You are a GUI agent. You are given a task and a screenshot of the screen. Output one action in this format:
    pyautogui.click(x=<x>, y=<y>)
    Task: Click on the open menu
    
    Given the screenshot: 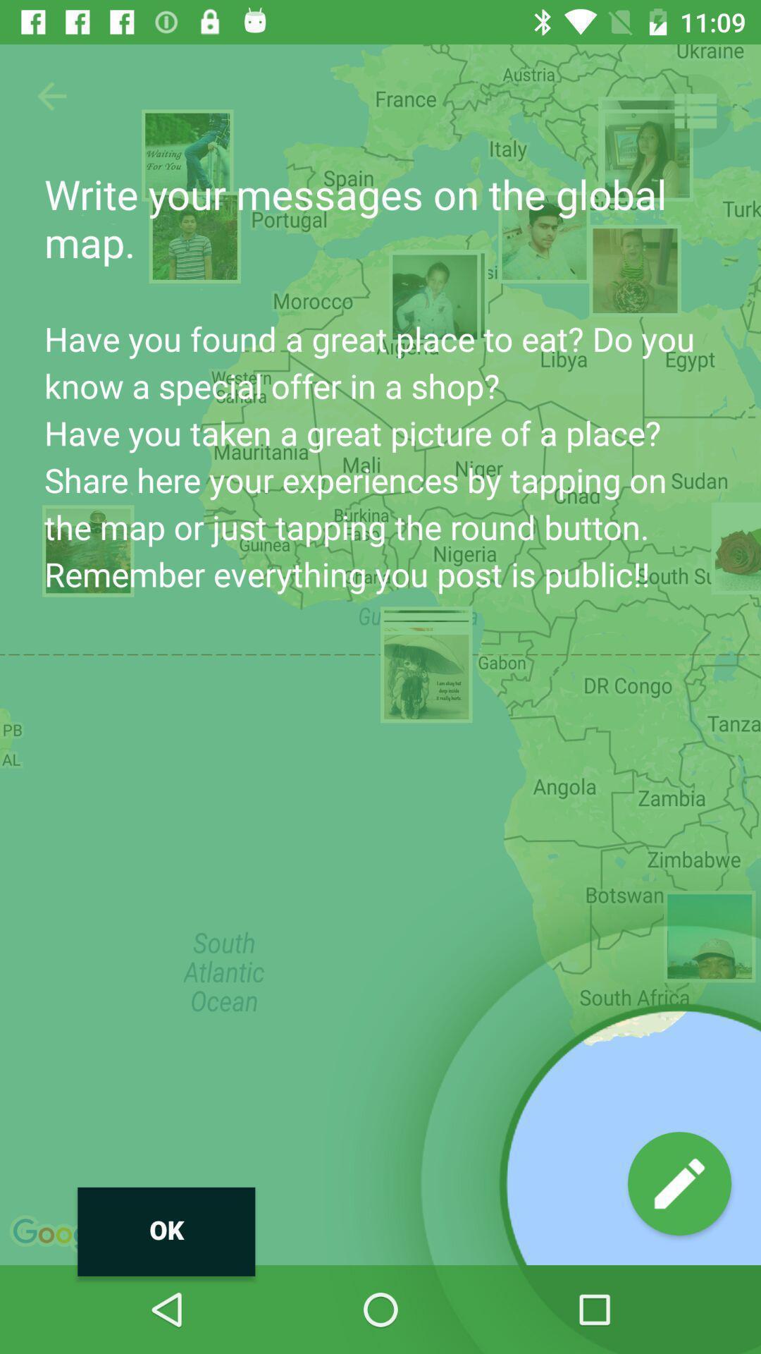 What is the action you would take?
    pyautogui.click(x=693, y=110)
    